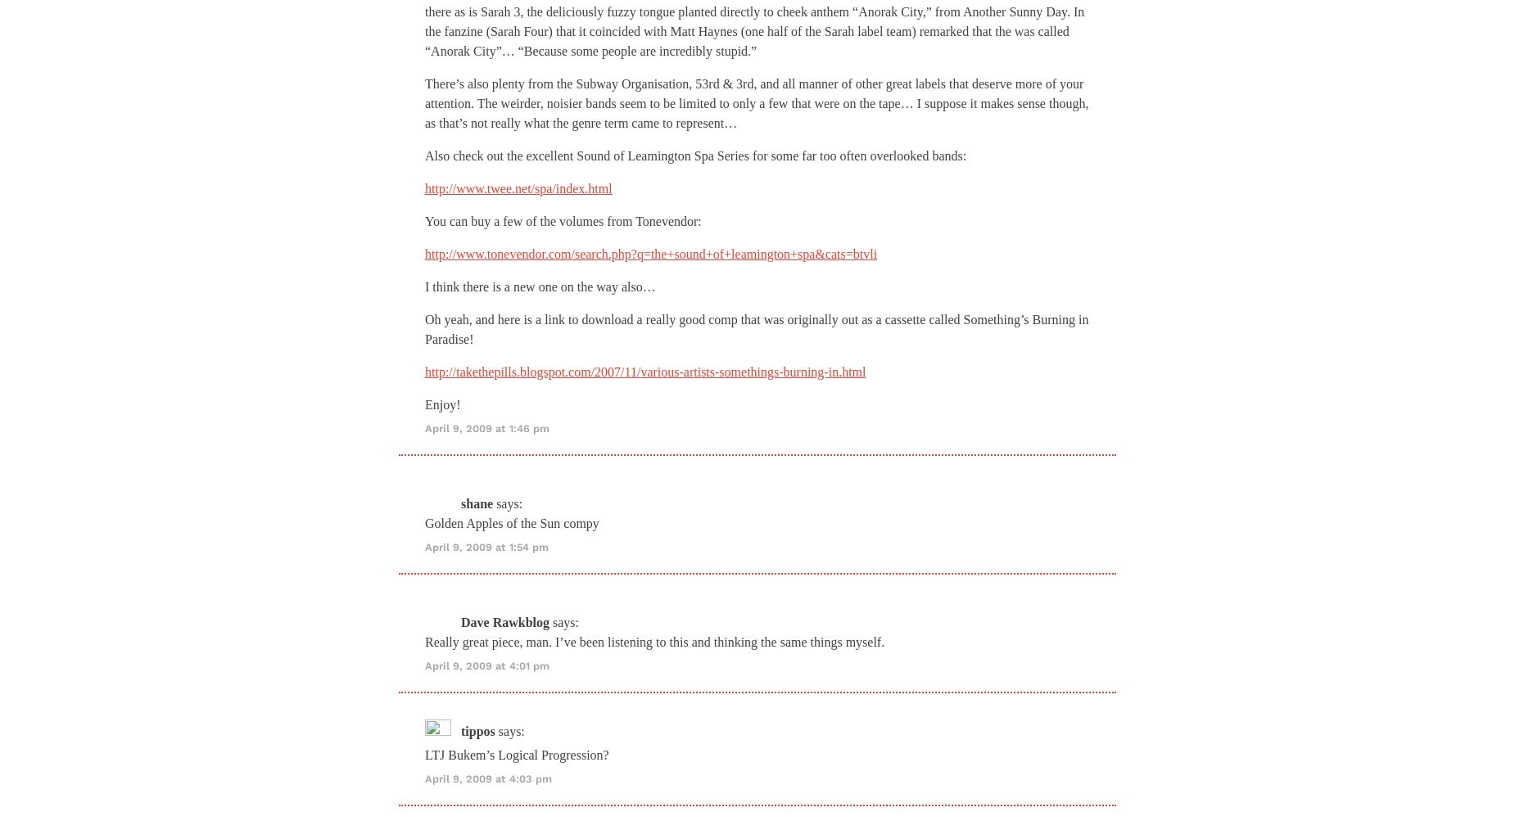 This screenshot has height=830, width=1515. What do you see at coordinates (757, 327) in the screenshot?
I see `'Oh yeah, and here is a link to download a really good comp that was originally out as a cassette called Something’s Burning in Paradise!'` at bounding box center [757, 327].